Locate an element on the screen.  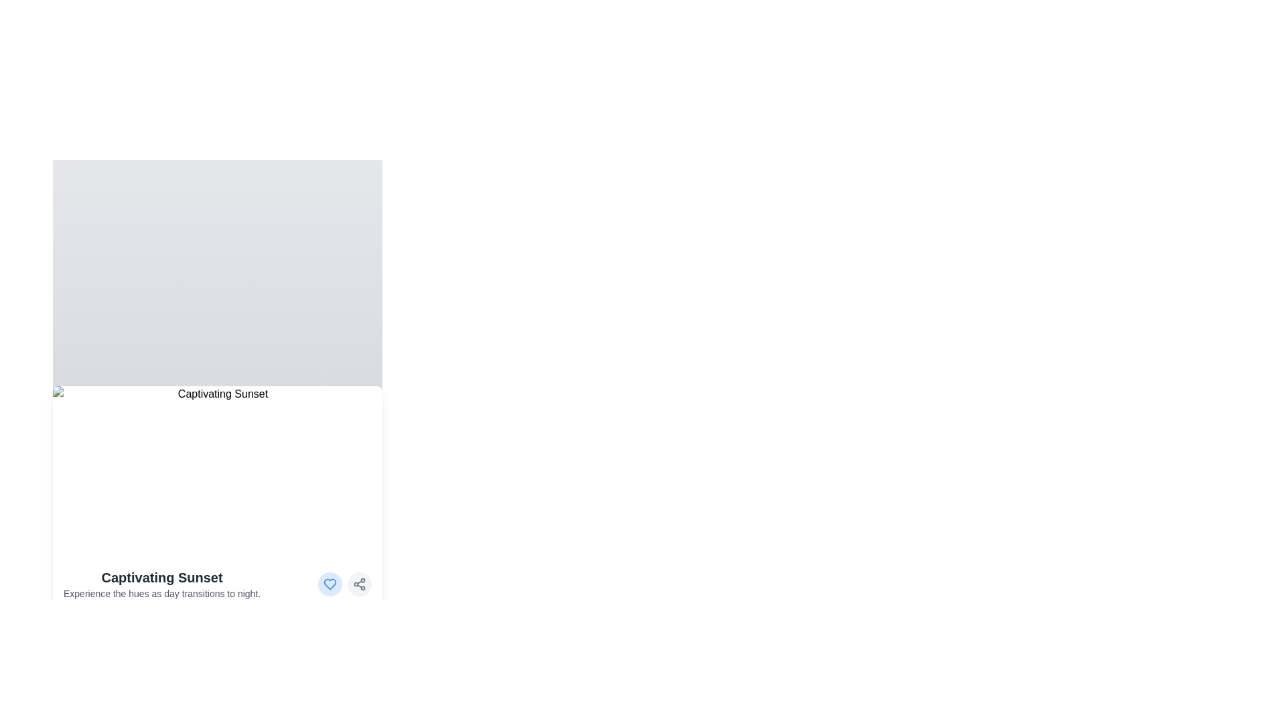
the circular share icon located in the bottom right corner of the visible card is located at coordinates (360, 583).